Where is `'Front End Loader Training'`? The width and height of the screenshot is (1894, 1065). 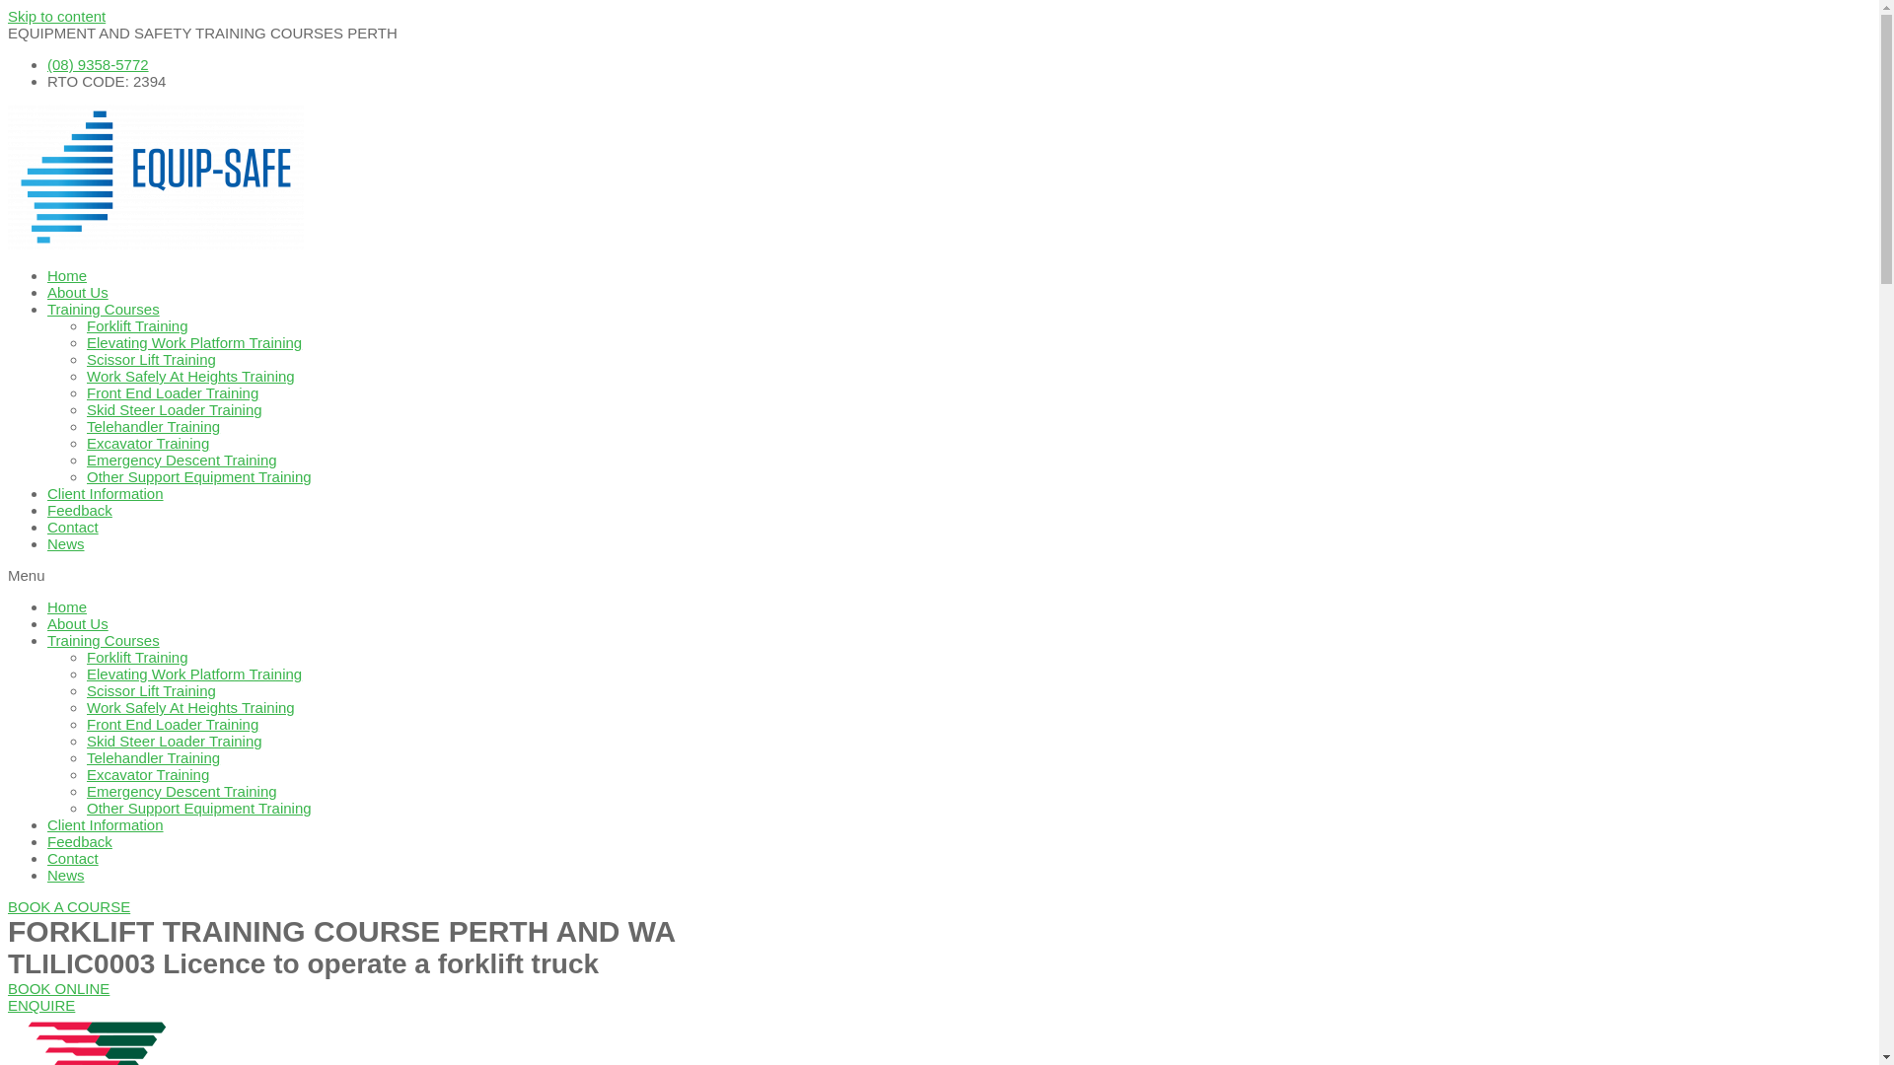
'Front End Loader Training' is located at coordinates (172, 724).